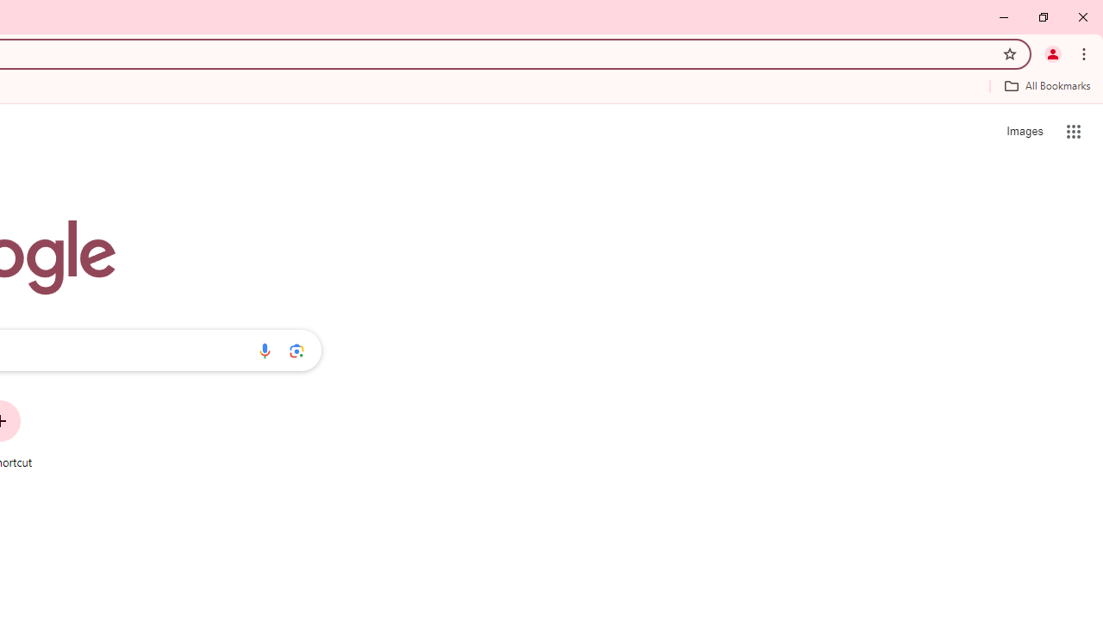  Describe the element at coordinates (1046, 85) in the screenshot. I see `'All Bookmarks'` at that location.